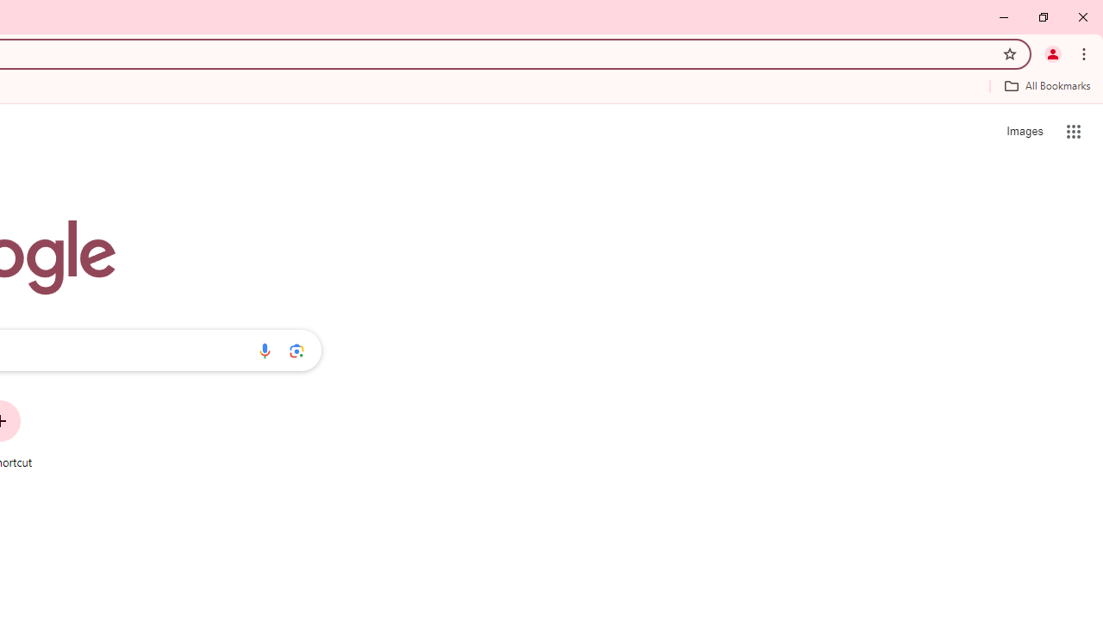  Describe the element at coordinates (1046, 85) in the screenshot. I see `'All Bookmarks'` at that location.